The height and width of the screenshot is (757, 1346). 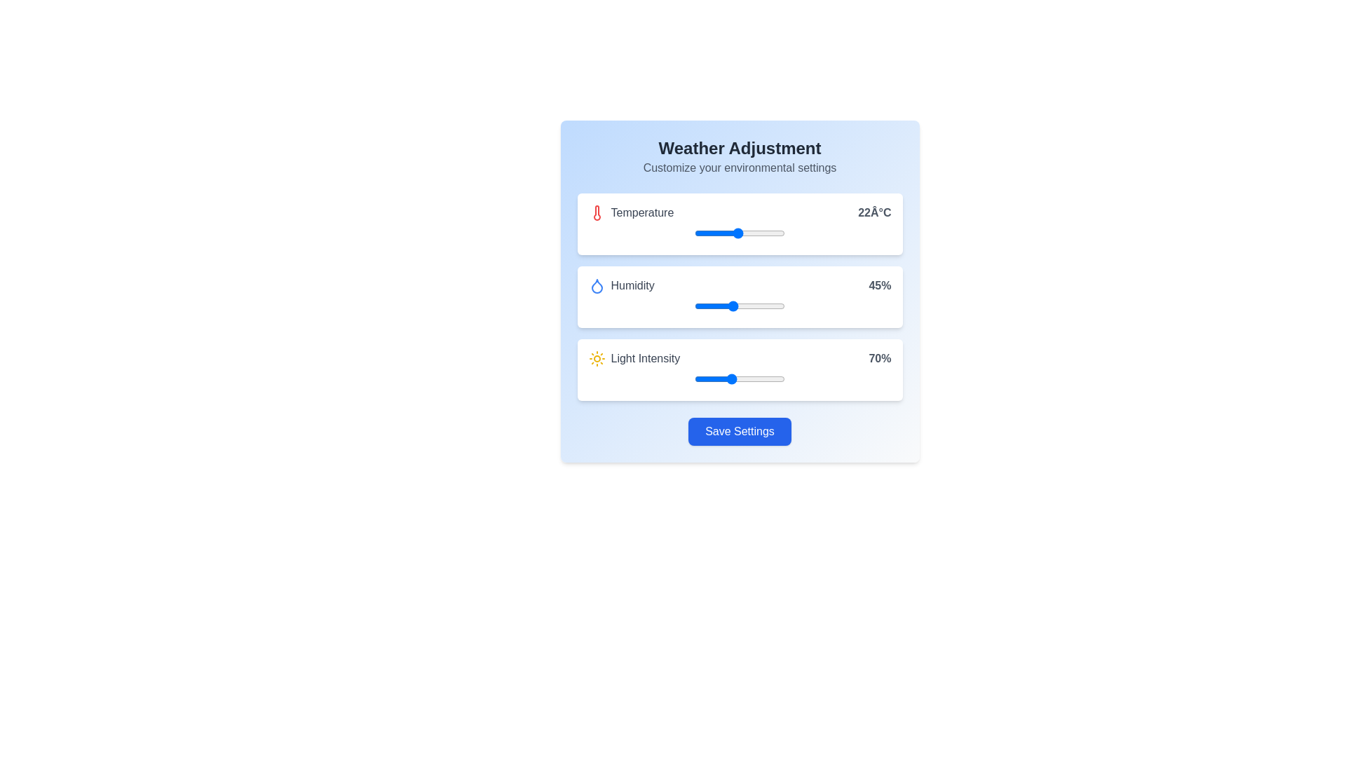 What do you see at coordinates (728, 305) in the screenshot?
I see `the humidity` at bounding box center [728, 305].